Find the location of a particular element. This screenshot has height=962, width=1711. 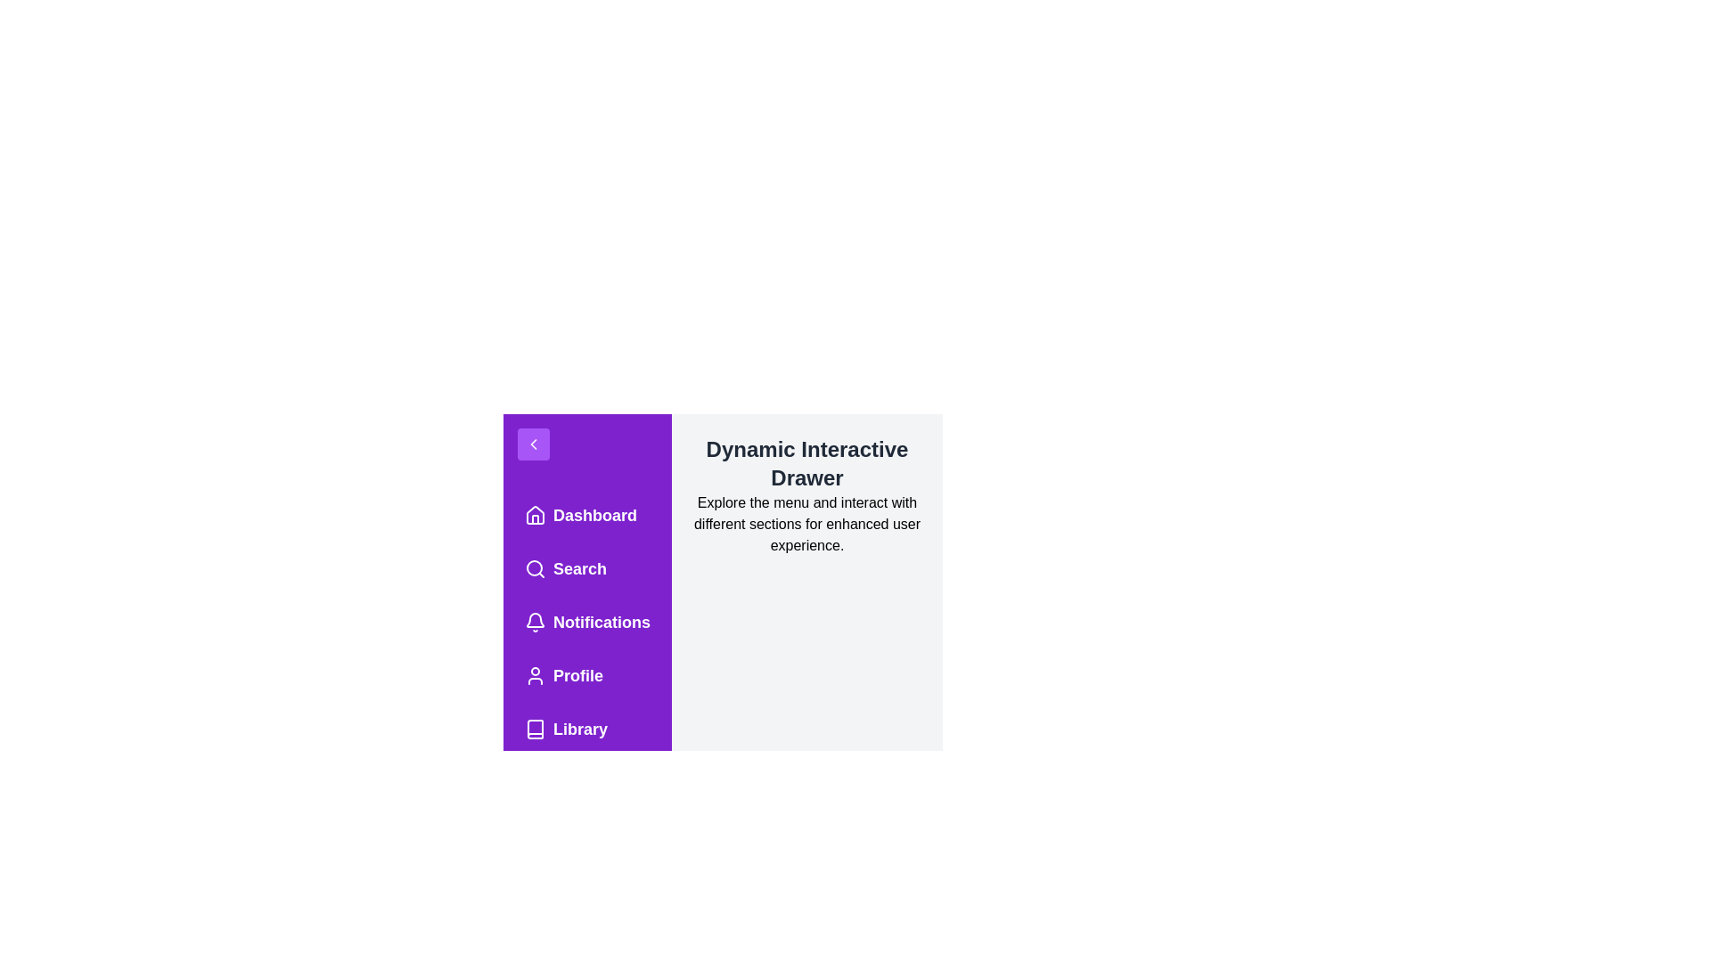

the menu item Notifications to highlight it is located at coordinates (586, 621).